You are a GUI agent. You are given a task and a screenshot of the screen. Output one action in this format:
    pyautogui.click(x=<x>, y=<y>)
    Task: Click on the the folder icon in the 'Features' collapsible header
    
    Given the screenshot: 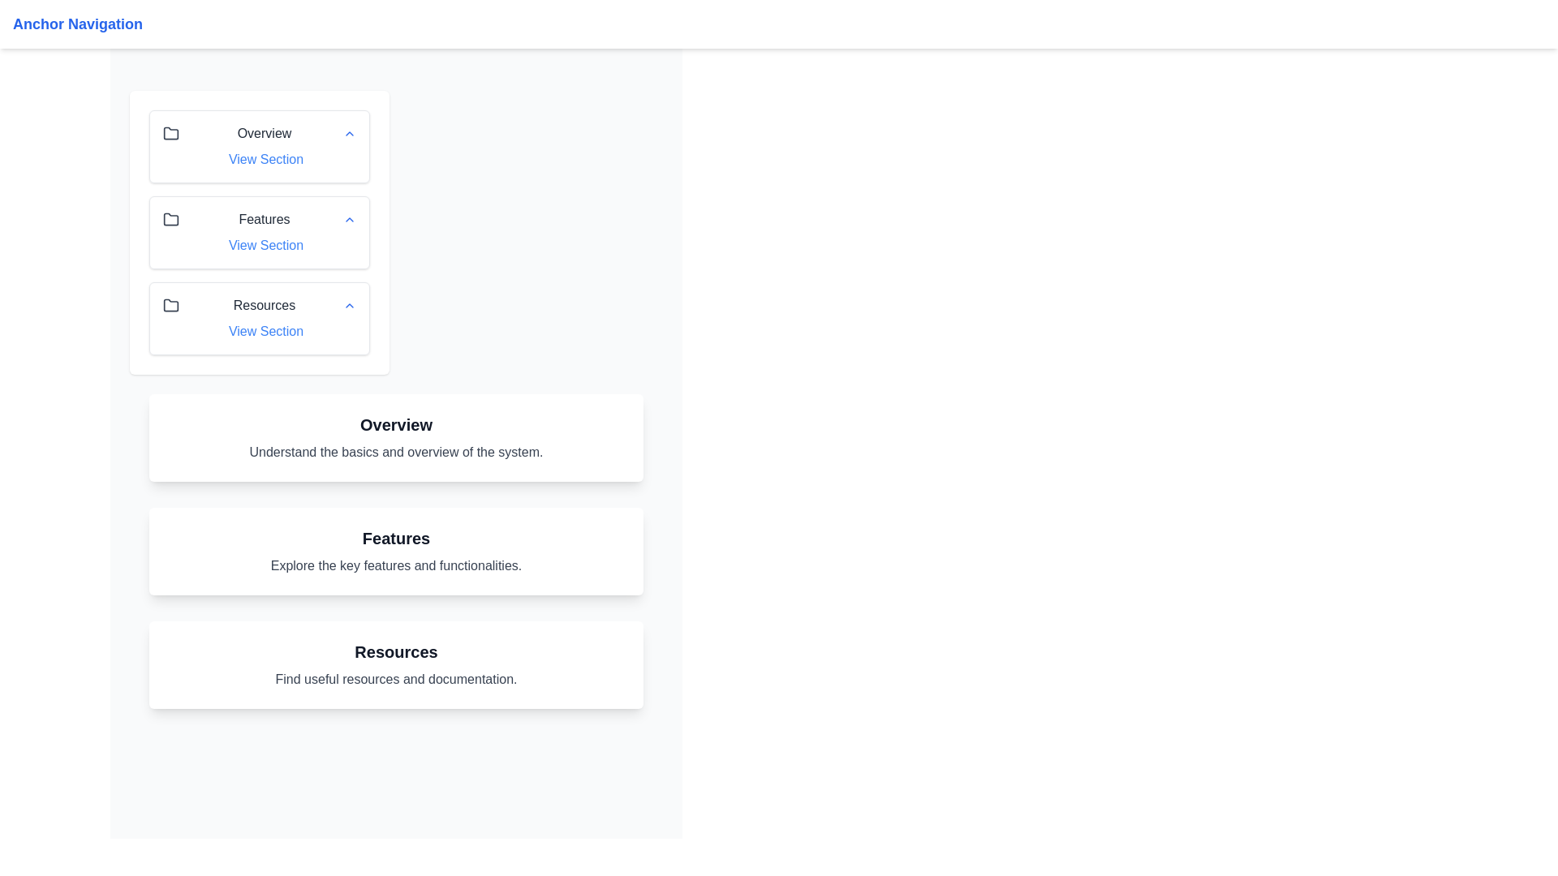 What is the action you would take?
    pyautogui.click(x=260, y=219)
    